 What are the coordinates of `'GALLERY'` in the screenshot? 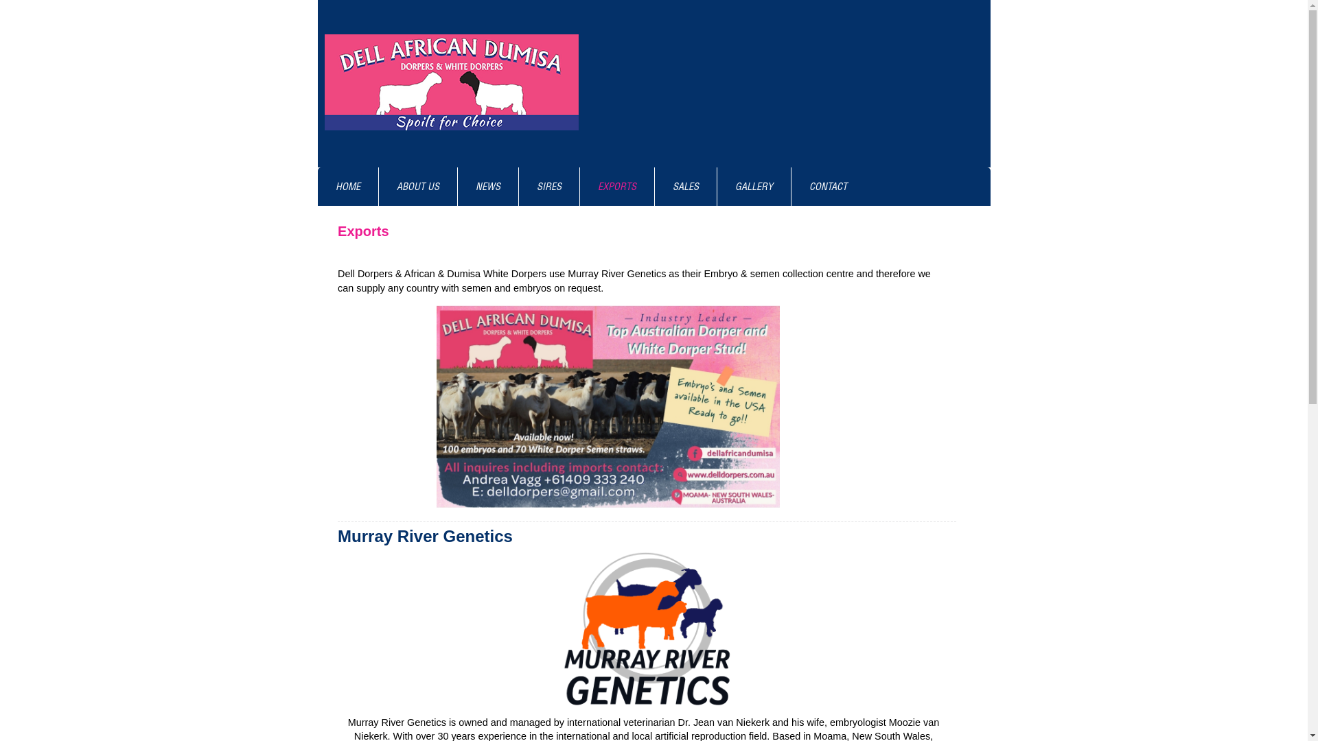 It's located at (752, 187).